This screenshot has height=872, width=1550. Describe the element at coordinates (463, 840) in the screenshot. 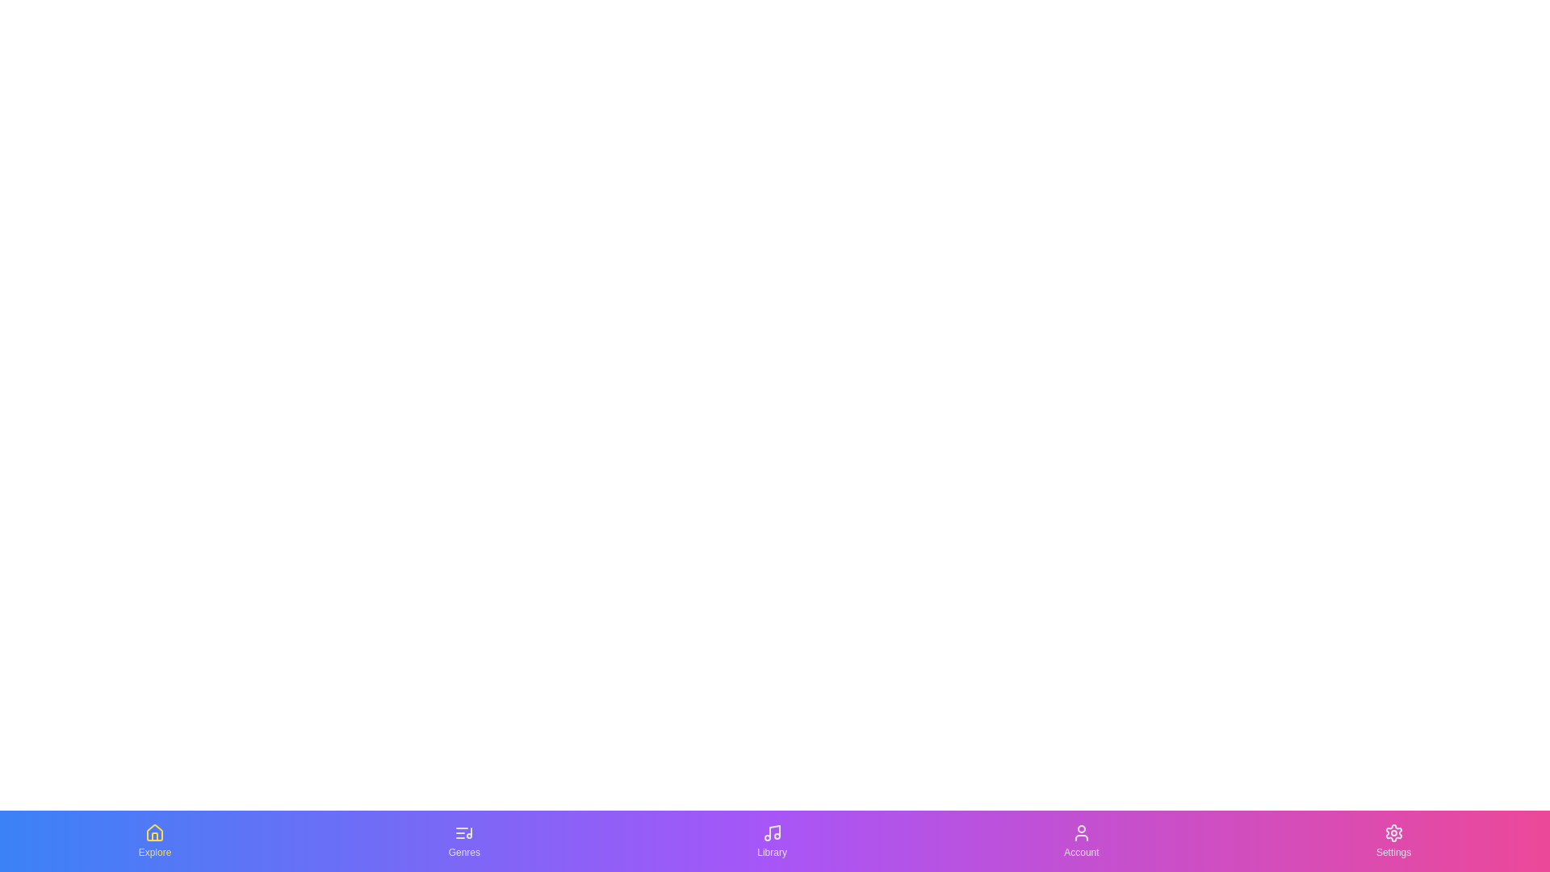

I see `the tab labeled Genres` at that location.